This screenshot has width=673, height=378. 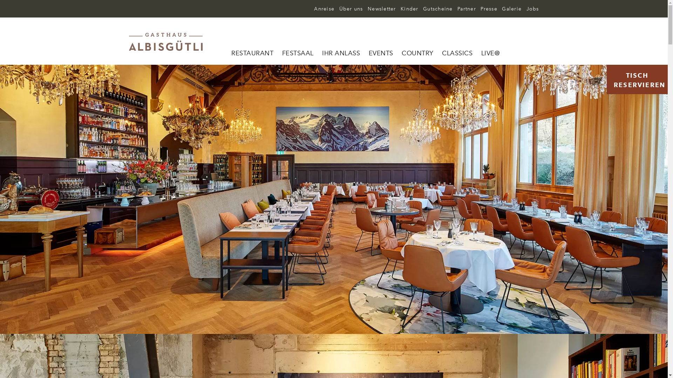 I want to click on 'IHR ANLASS', so click(x=341, y=54).